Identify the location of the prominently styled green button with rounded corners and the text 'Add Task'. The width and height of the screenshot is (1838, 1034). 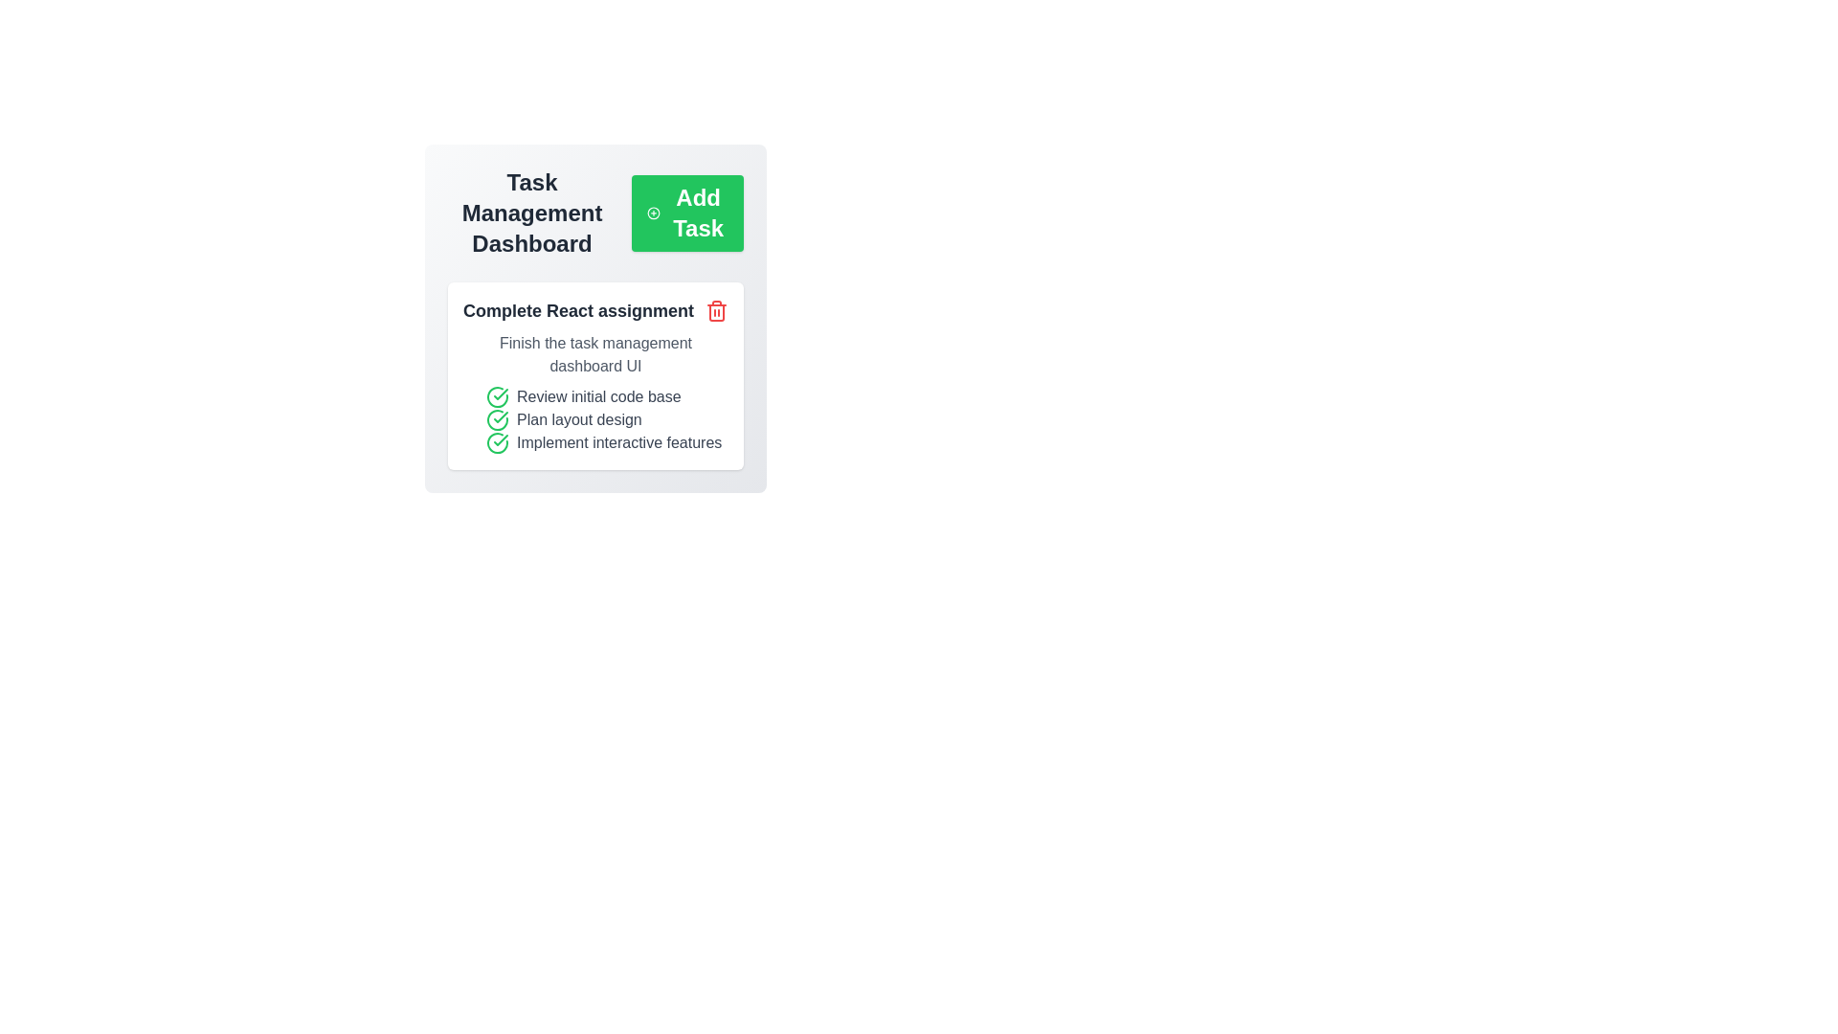
(687, 214).